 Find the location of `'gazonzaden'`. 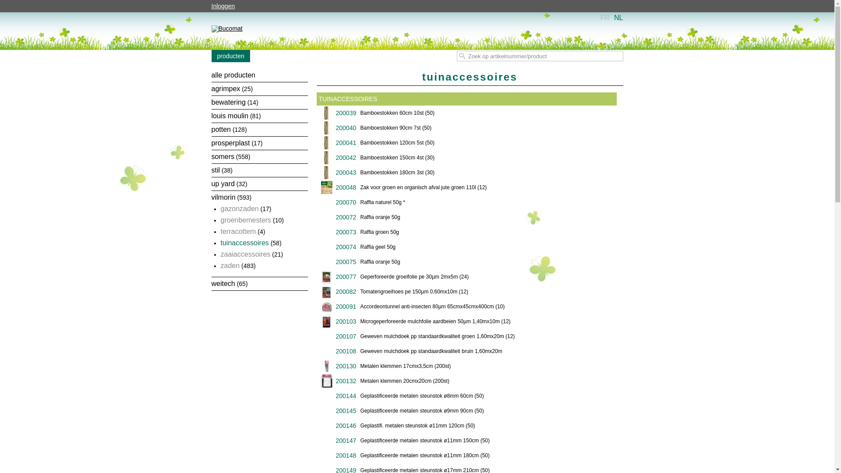

'gazonzaden' is located at coordinates (240, 208).